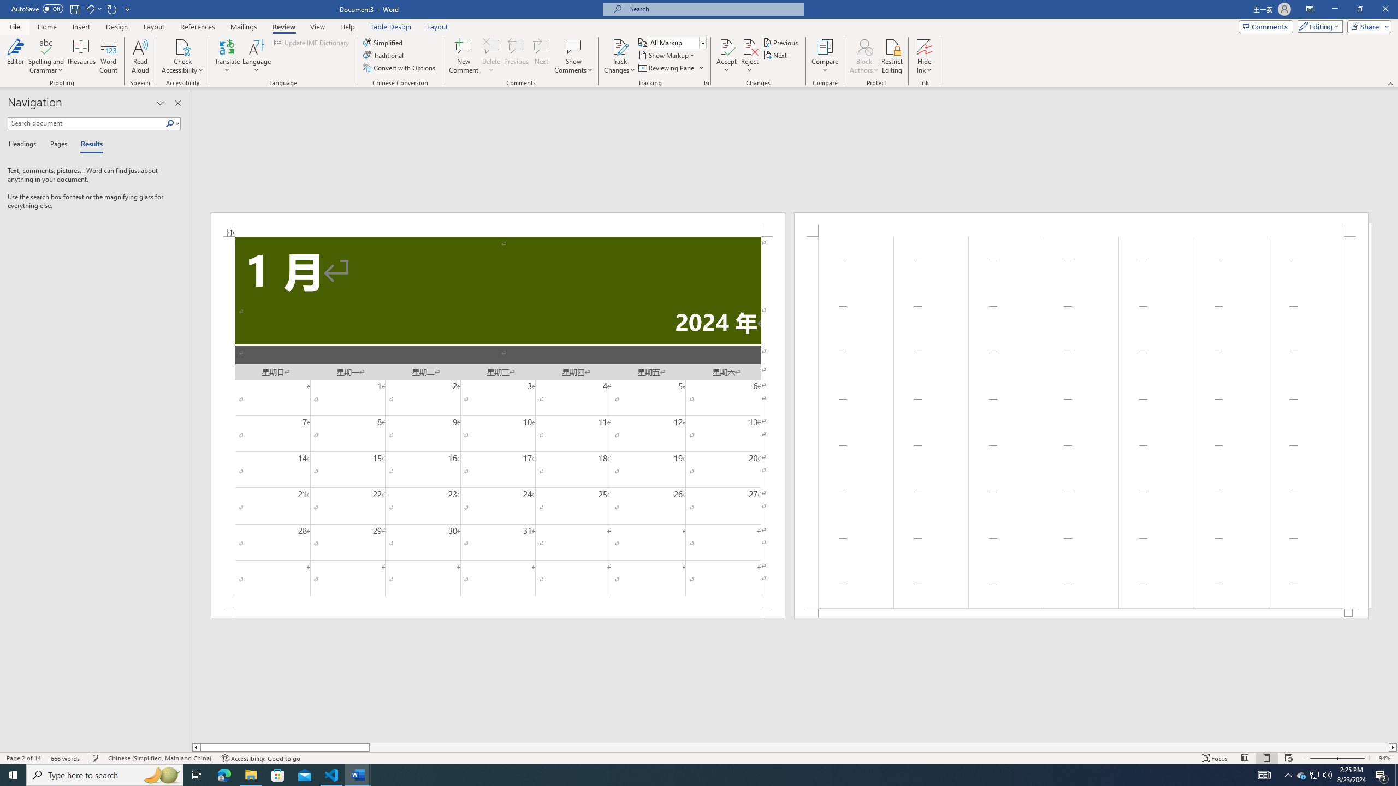 Image resolution: width=1398 pixels, height=786 pixels. Describe the element at coordinates (384, 54) in the screenshot. I see `'Traditional'` at that location.